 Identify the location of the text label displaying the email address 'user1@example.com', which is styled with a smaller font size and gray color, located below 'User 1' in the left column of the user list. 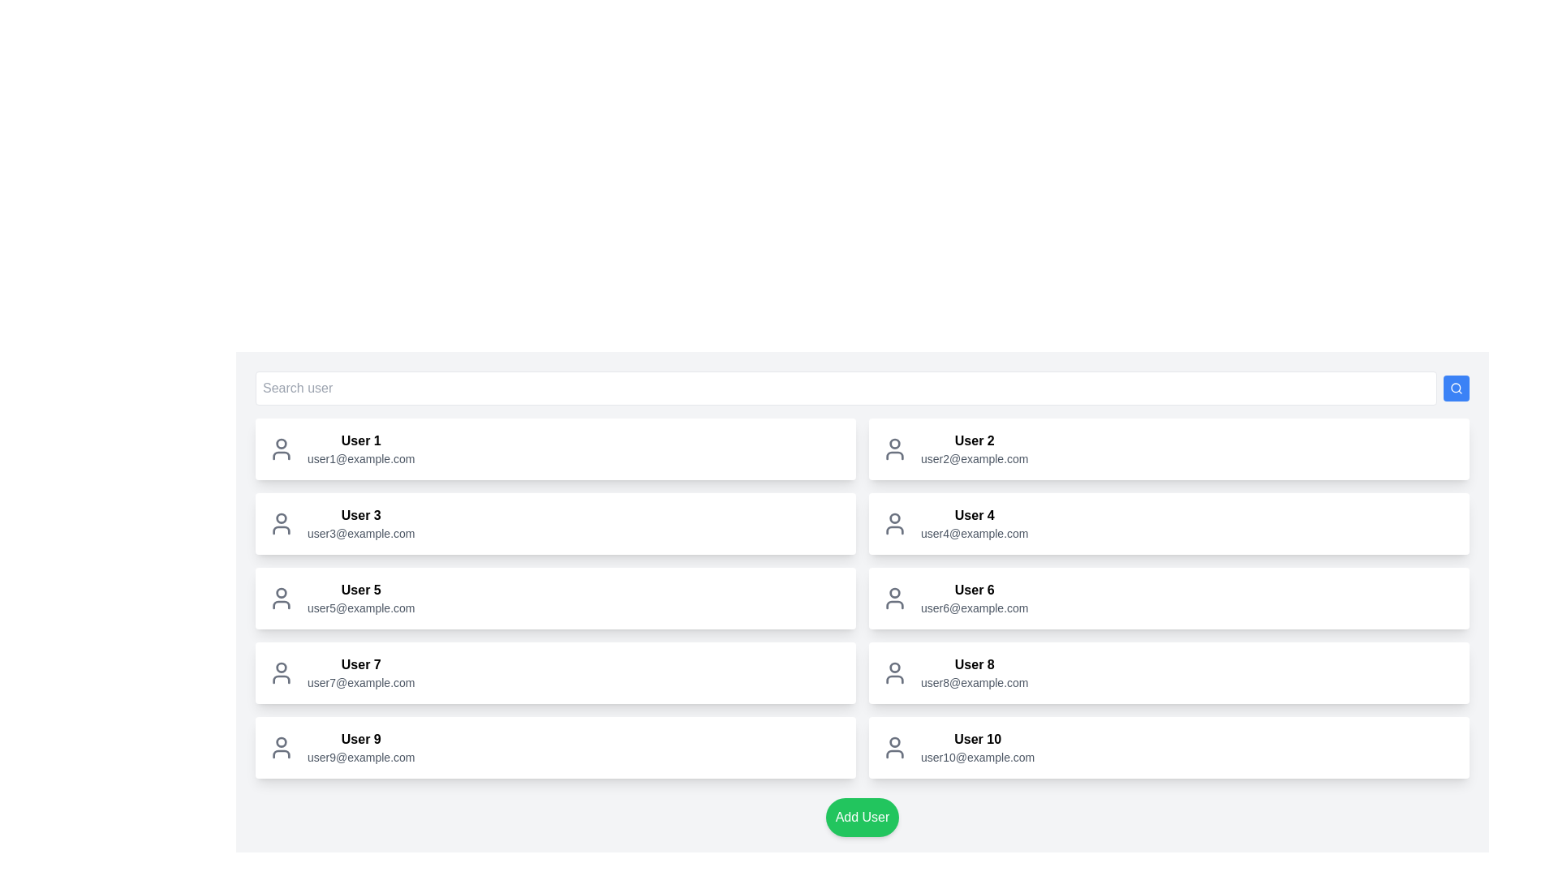
(360, 459).